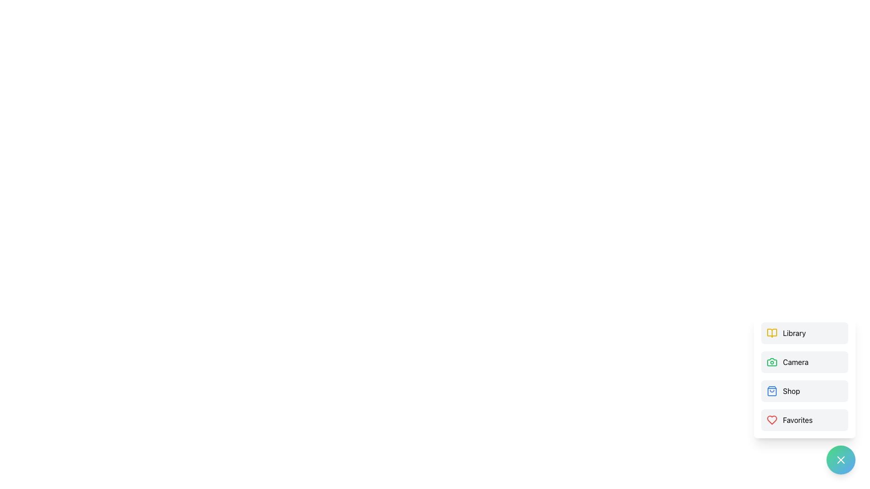 The image size is (870, 489). What do you see at coordinates (772, 420) in the screenshot?
I see `the red heart icon located in the bottom right menu` at bounding box center [772, 420].